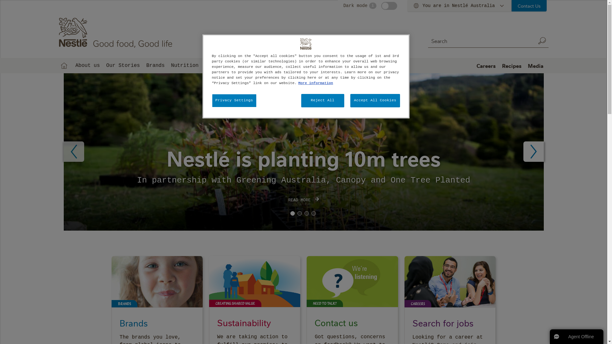 The image size is (612, 344). What do you see at coordinates (103, 65) in the screenshot?
I see `'Our Stories'` at bounding box center [103, 65].